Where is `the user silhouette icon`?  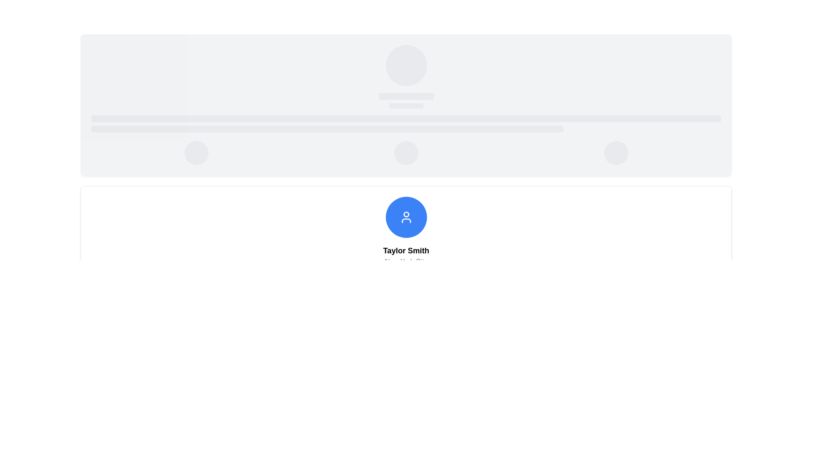 the user silhouette icon is located at coordinates (406, 216).